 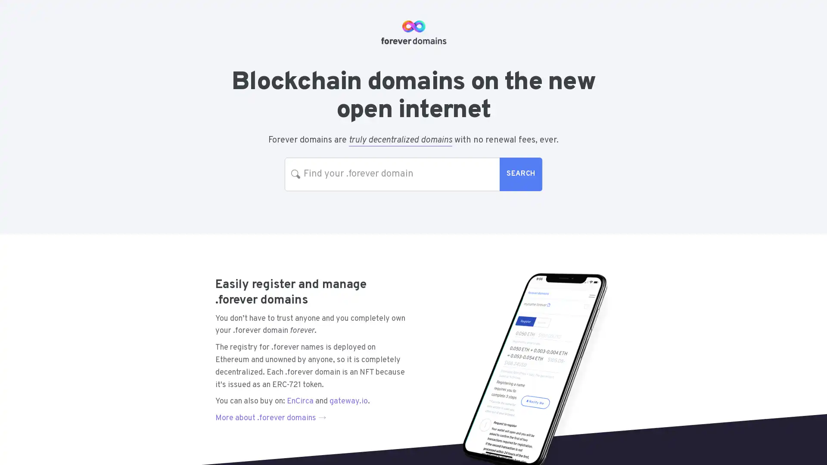 I want to click on SEARCH, so click(x=520, y=174).